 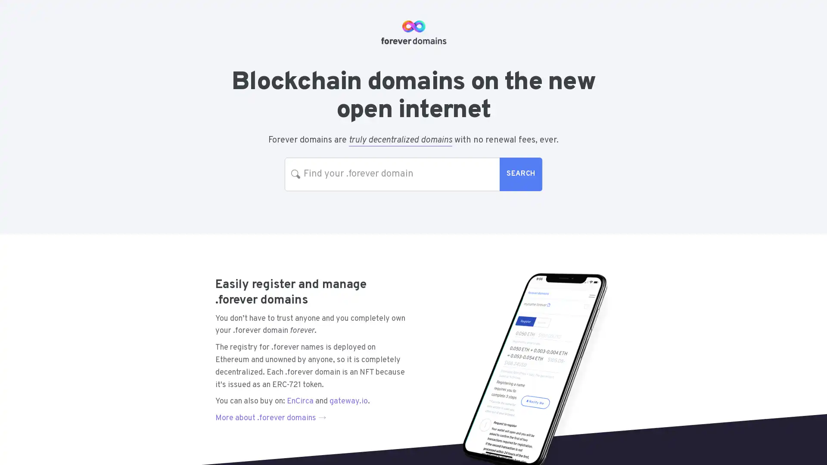 I want to click on SEARCH, so click(x=520, y=174).